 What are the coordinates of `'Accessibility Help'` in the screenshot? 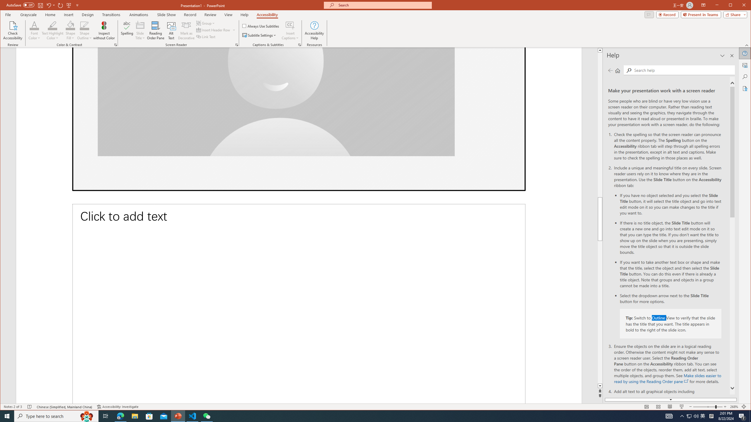 It's located at (314, 30).